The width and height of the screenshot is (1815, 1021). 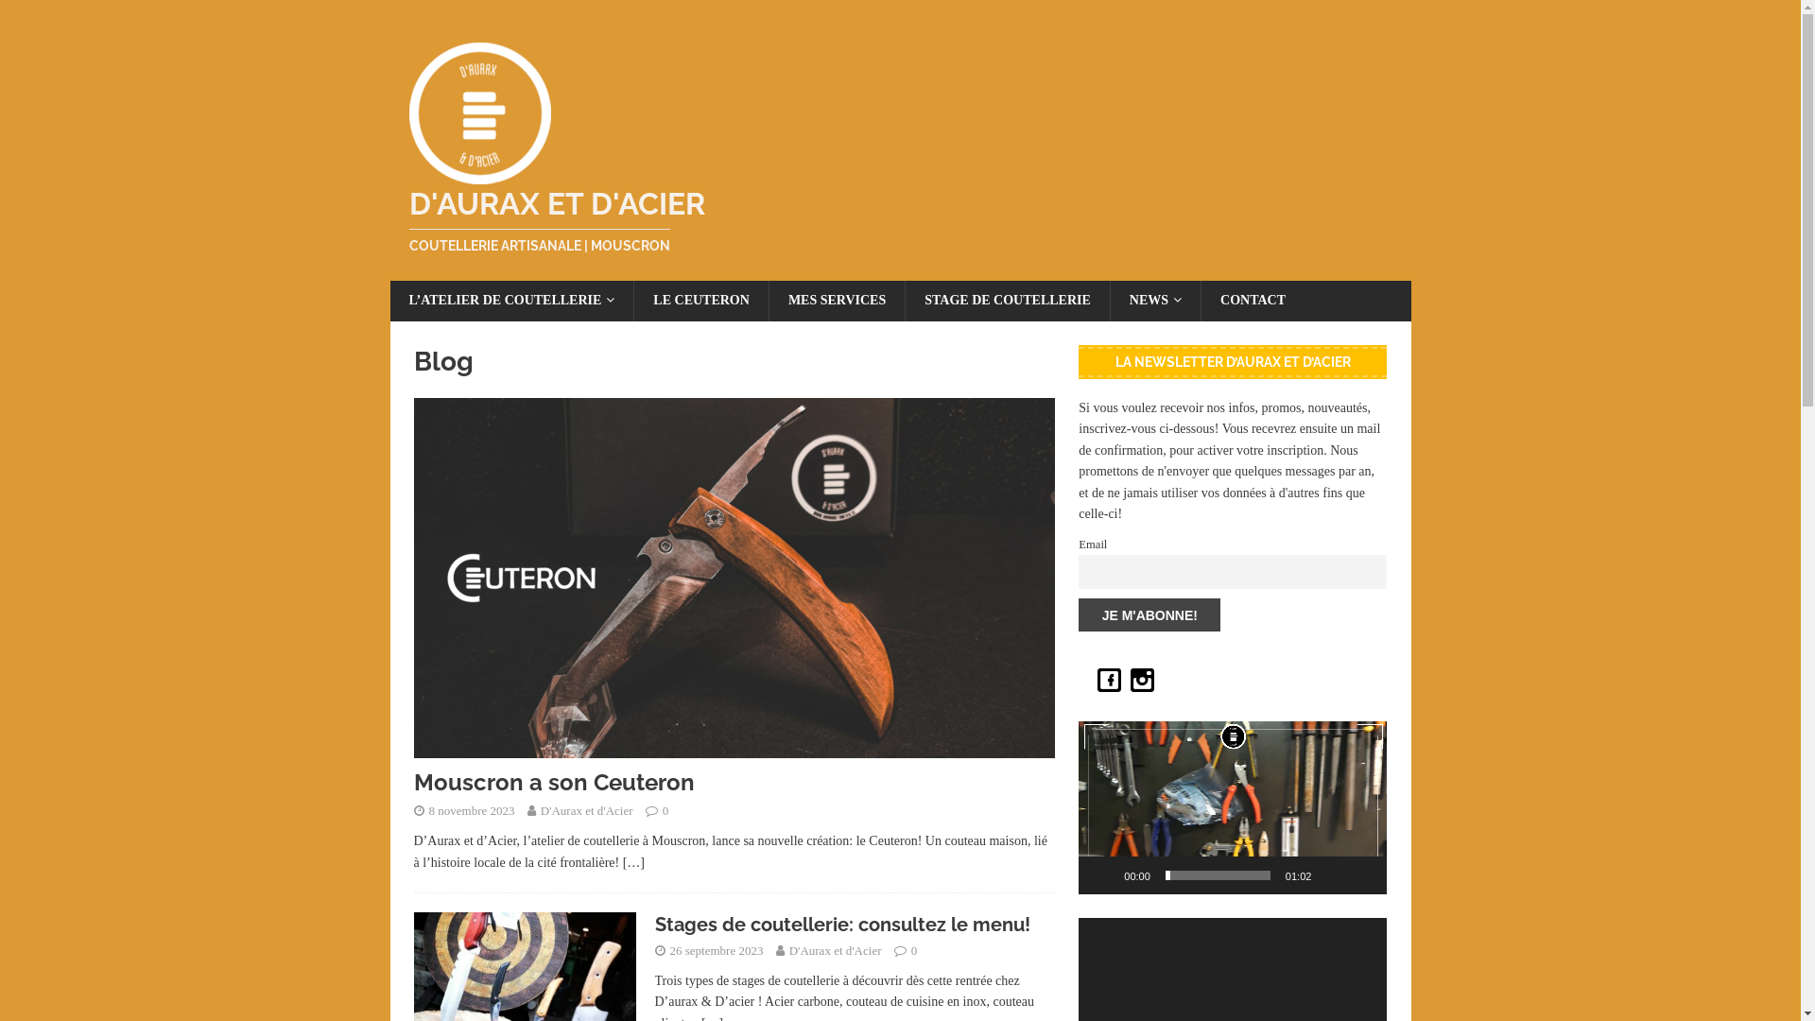 What do you see at coordinates (700, 299) in the screenshot?
I see `'LE CEUTERON'` at bounding box center [700, 299].